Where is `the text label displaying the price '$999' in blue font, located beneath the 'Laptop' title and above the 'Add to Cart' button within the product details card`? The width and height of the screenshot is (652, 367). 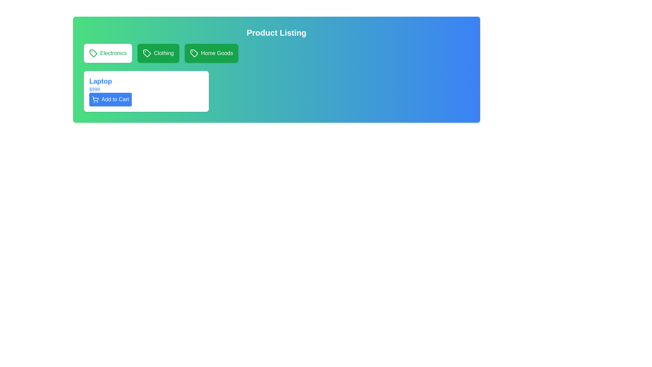 the text label displaying the price '$999' in blue font, located beneath the 'Laptop' title and above the 'Add to Cart' button within the product details card is located at coordinates (94, 89).